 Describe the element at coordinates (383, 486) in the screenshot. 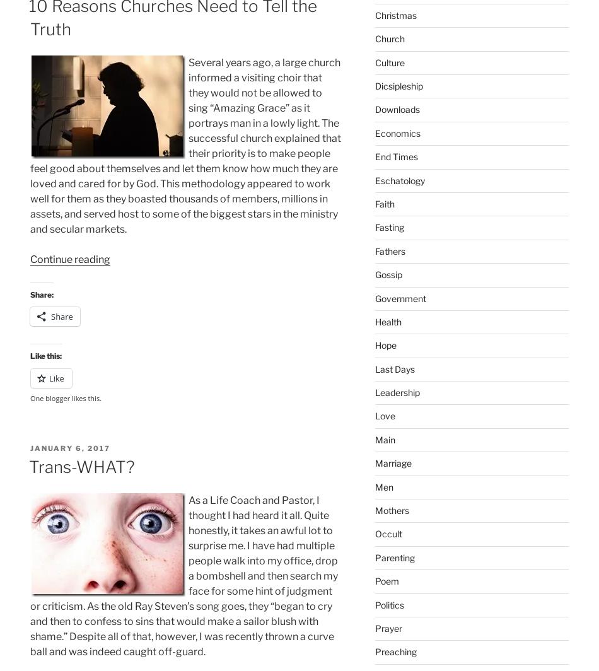

I see `'Men'` at that location.